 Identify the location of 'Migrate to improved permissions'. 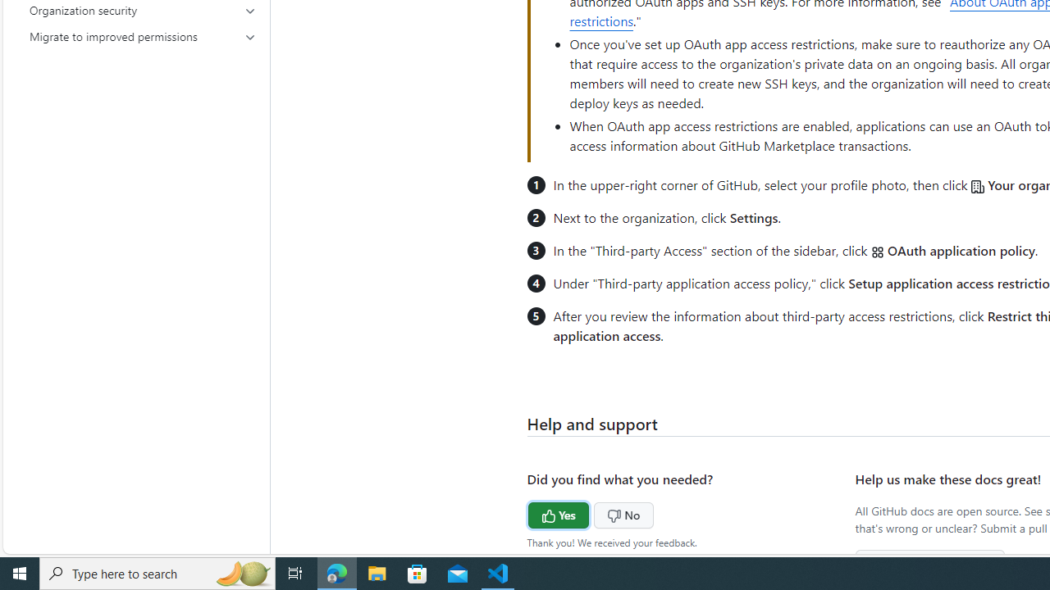
(143, 37).